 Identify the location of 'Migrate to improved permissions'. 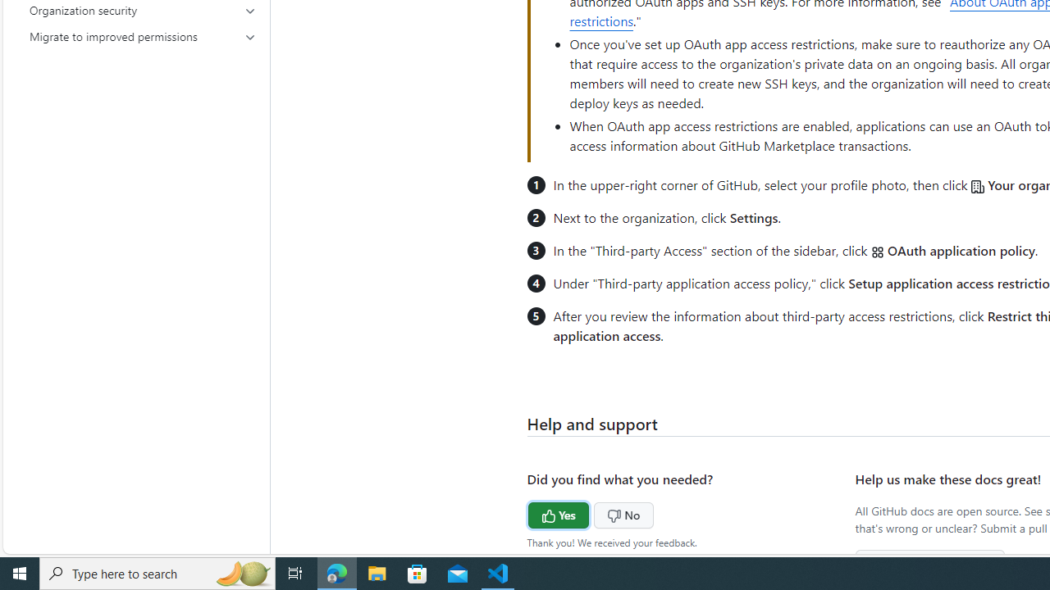
(143, 37).